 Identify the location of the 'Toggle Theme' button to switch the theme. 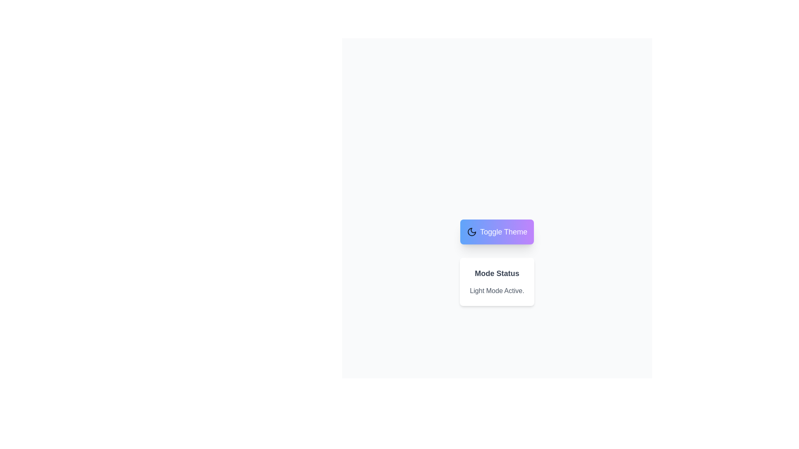
(497, 232).